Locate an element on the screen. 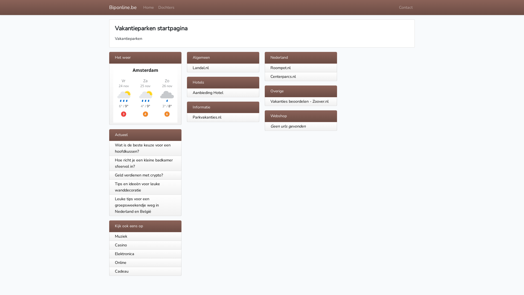 Image resolution: width=524 pixels, height=295 pixels. 'Dochters' is located at coordinates (166, 7).